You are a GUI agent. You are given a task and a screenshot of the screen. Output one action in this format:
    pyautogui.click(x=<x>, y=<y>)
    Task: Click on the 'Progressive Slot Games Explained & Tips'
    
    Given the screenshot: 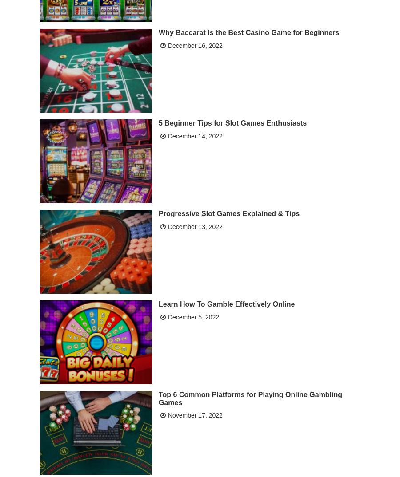 What is the action you would take?
    pyautogui.click(x=228, y=213)
    